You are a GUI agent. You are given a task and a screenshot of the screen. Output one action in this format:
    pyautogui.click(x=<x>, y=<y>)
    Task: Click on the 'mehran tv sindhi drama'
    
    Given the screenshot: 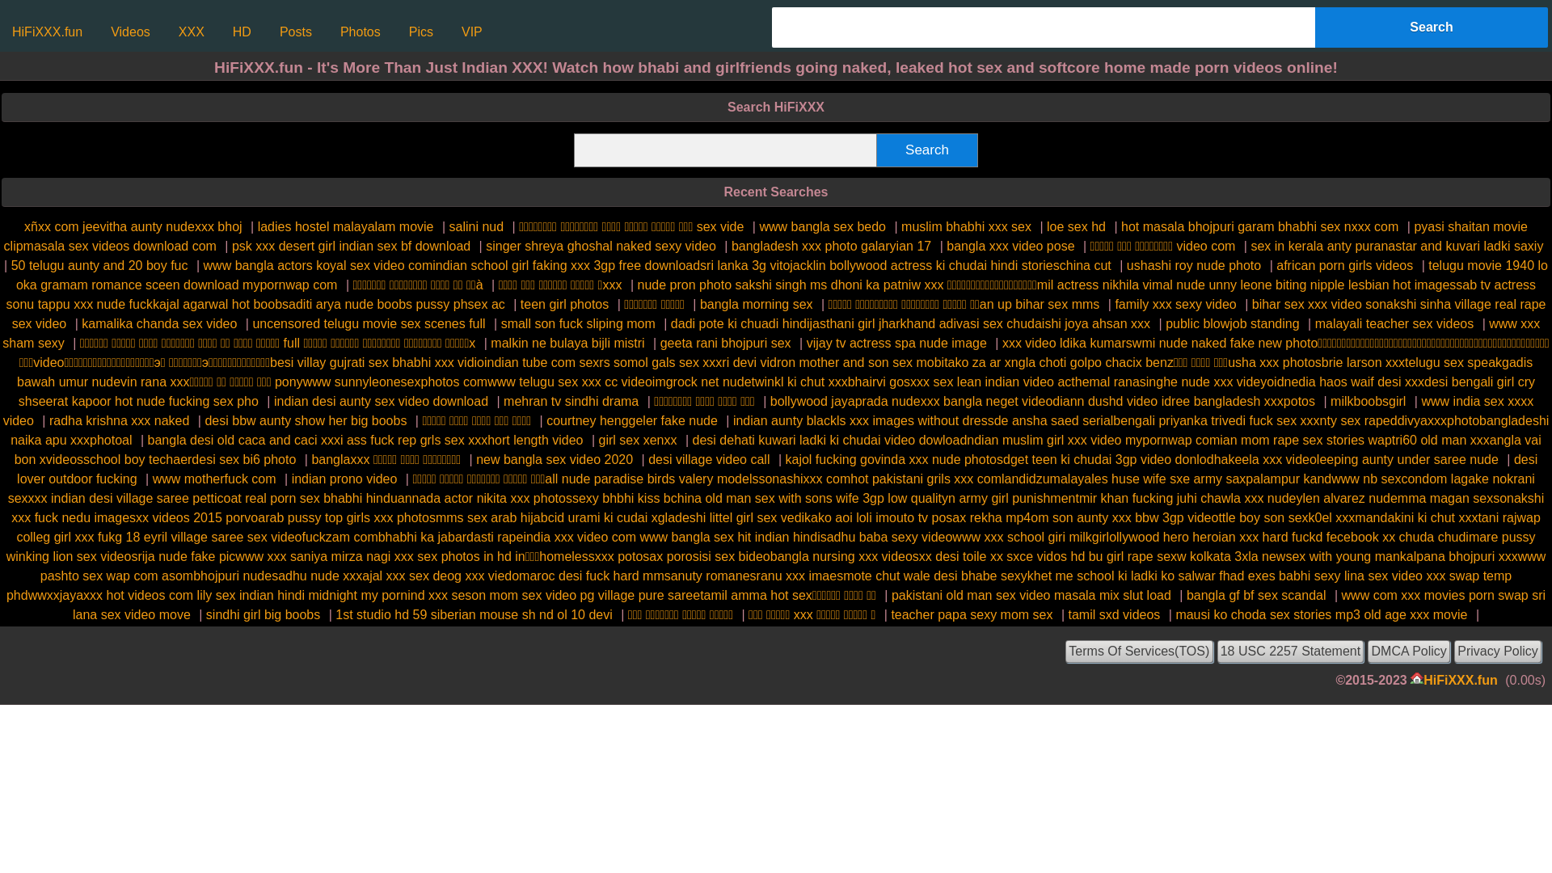 What is the action you would take?
    pyautogui.click(x=571, y=400)
    